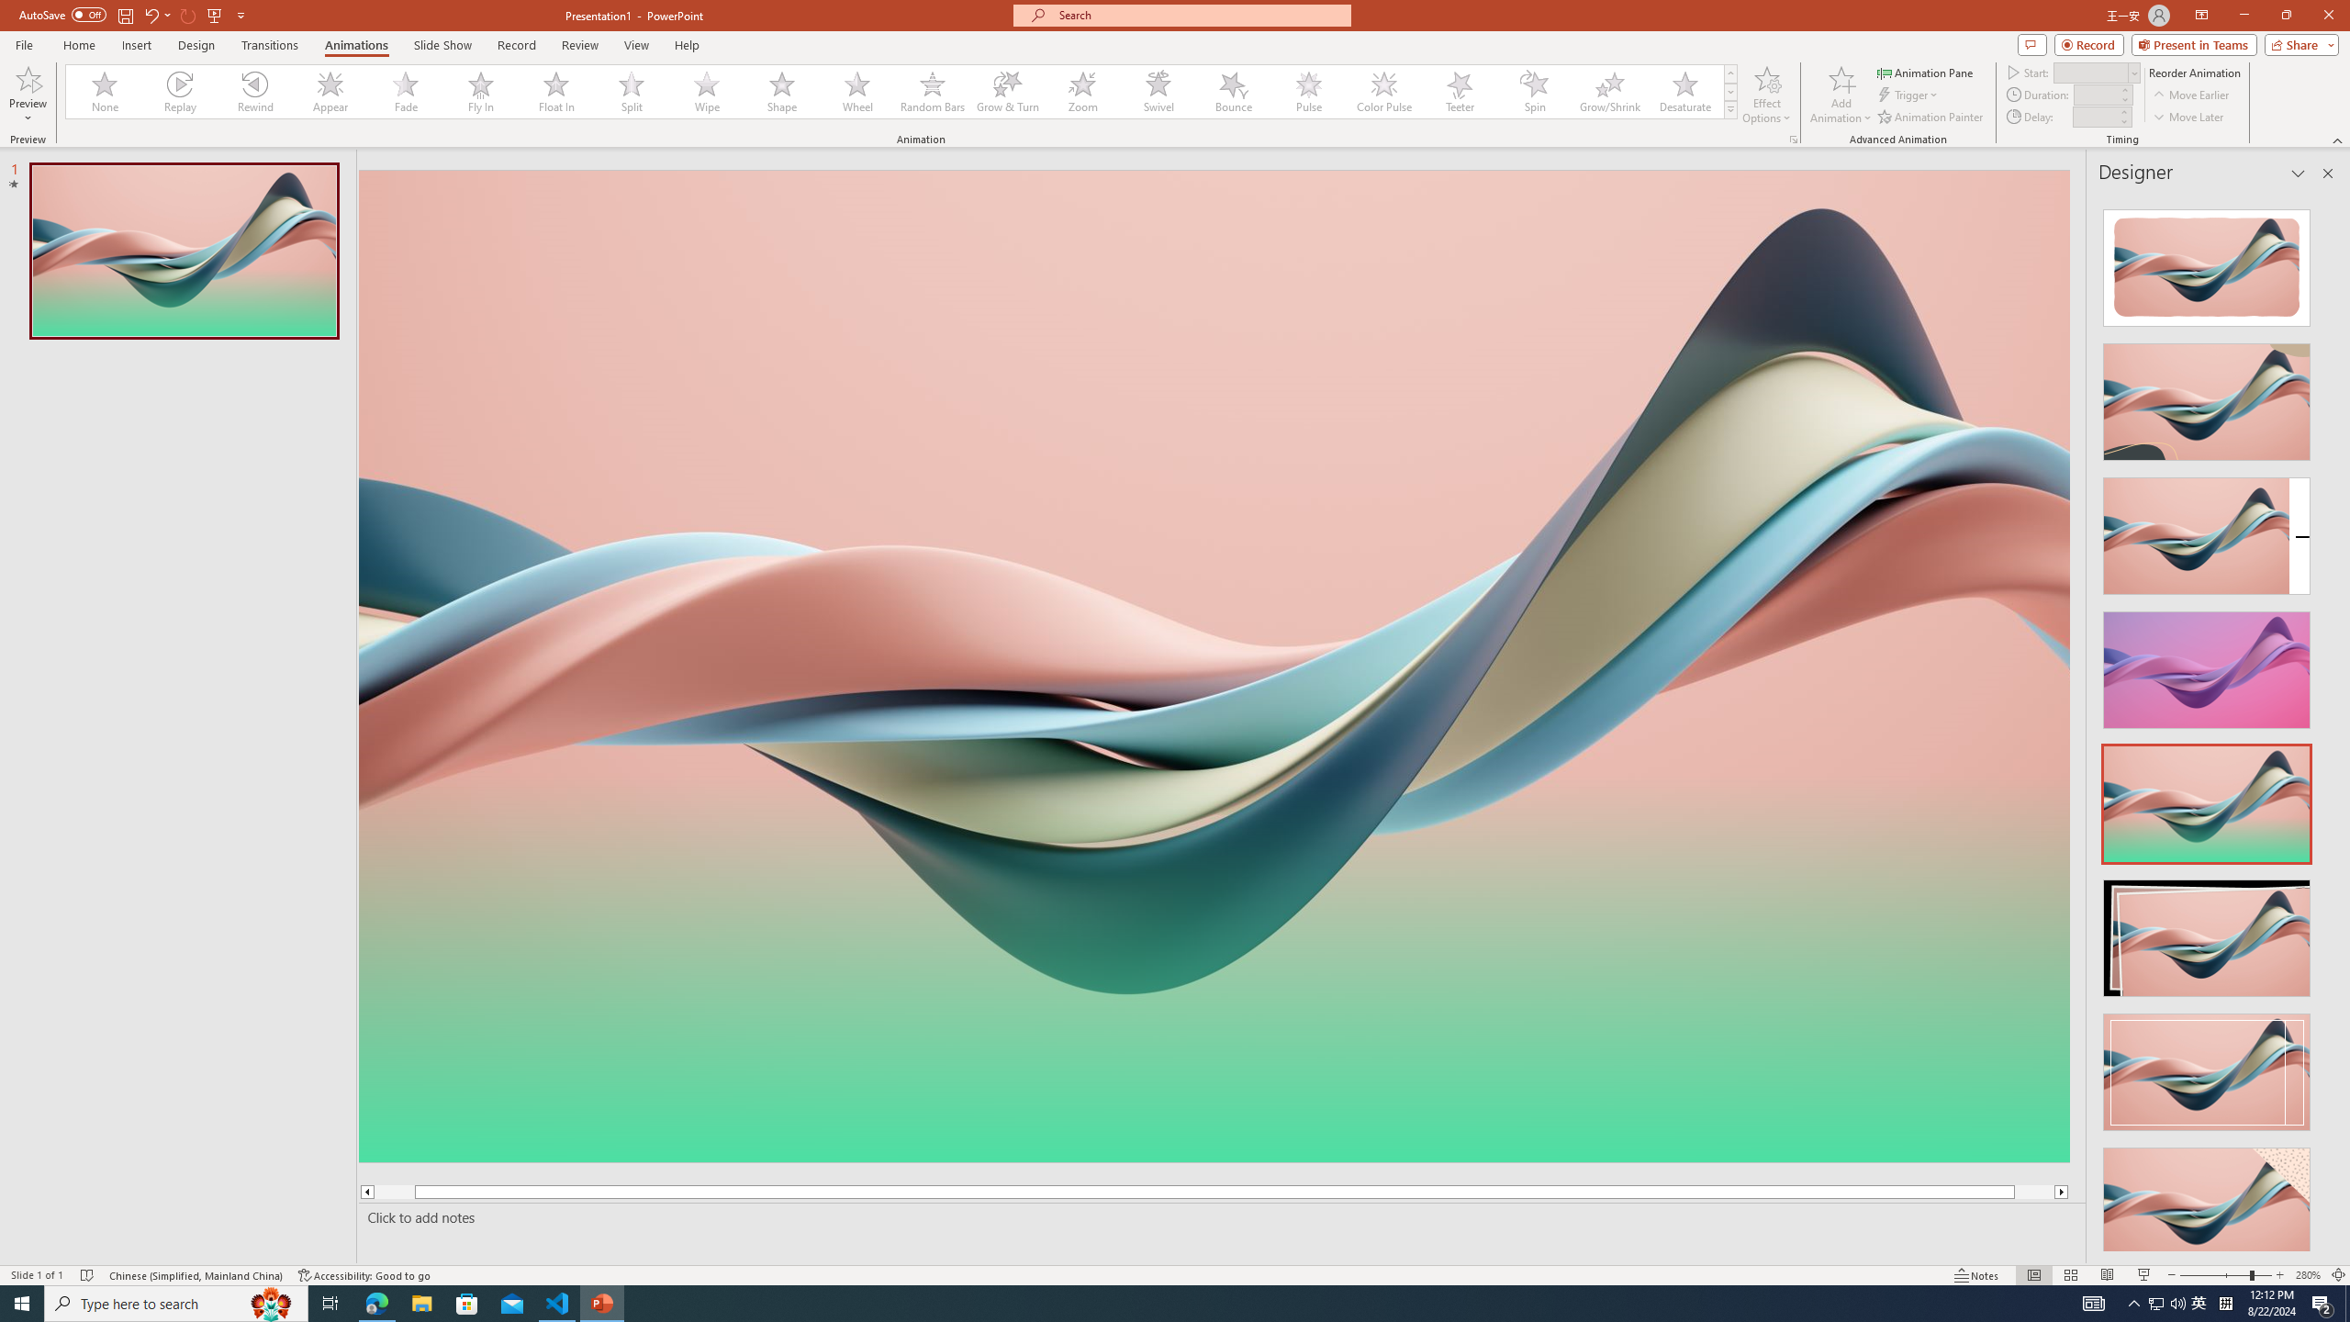 This screenshot has height=1322, width=2350. I want to click on 'Pulse', so click(1307, 91).